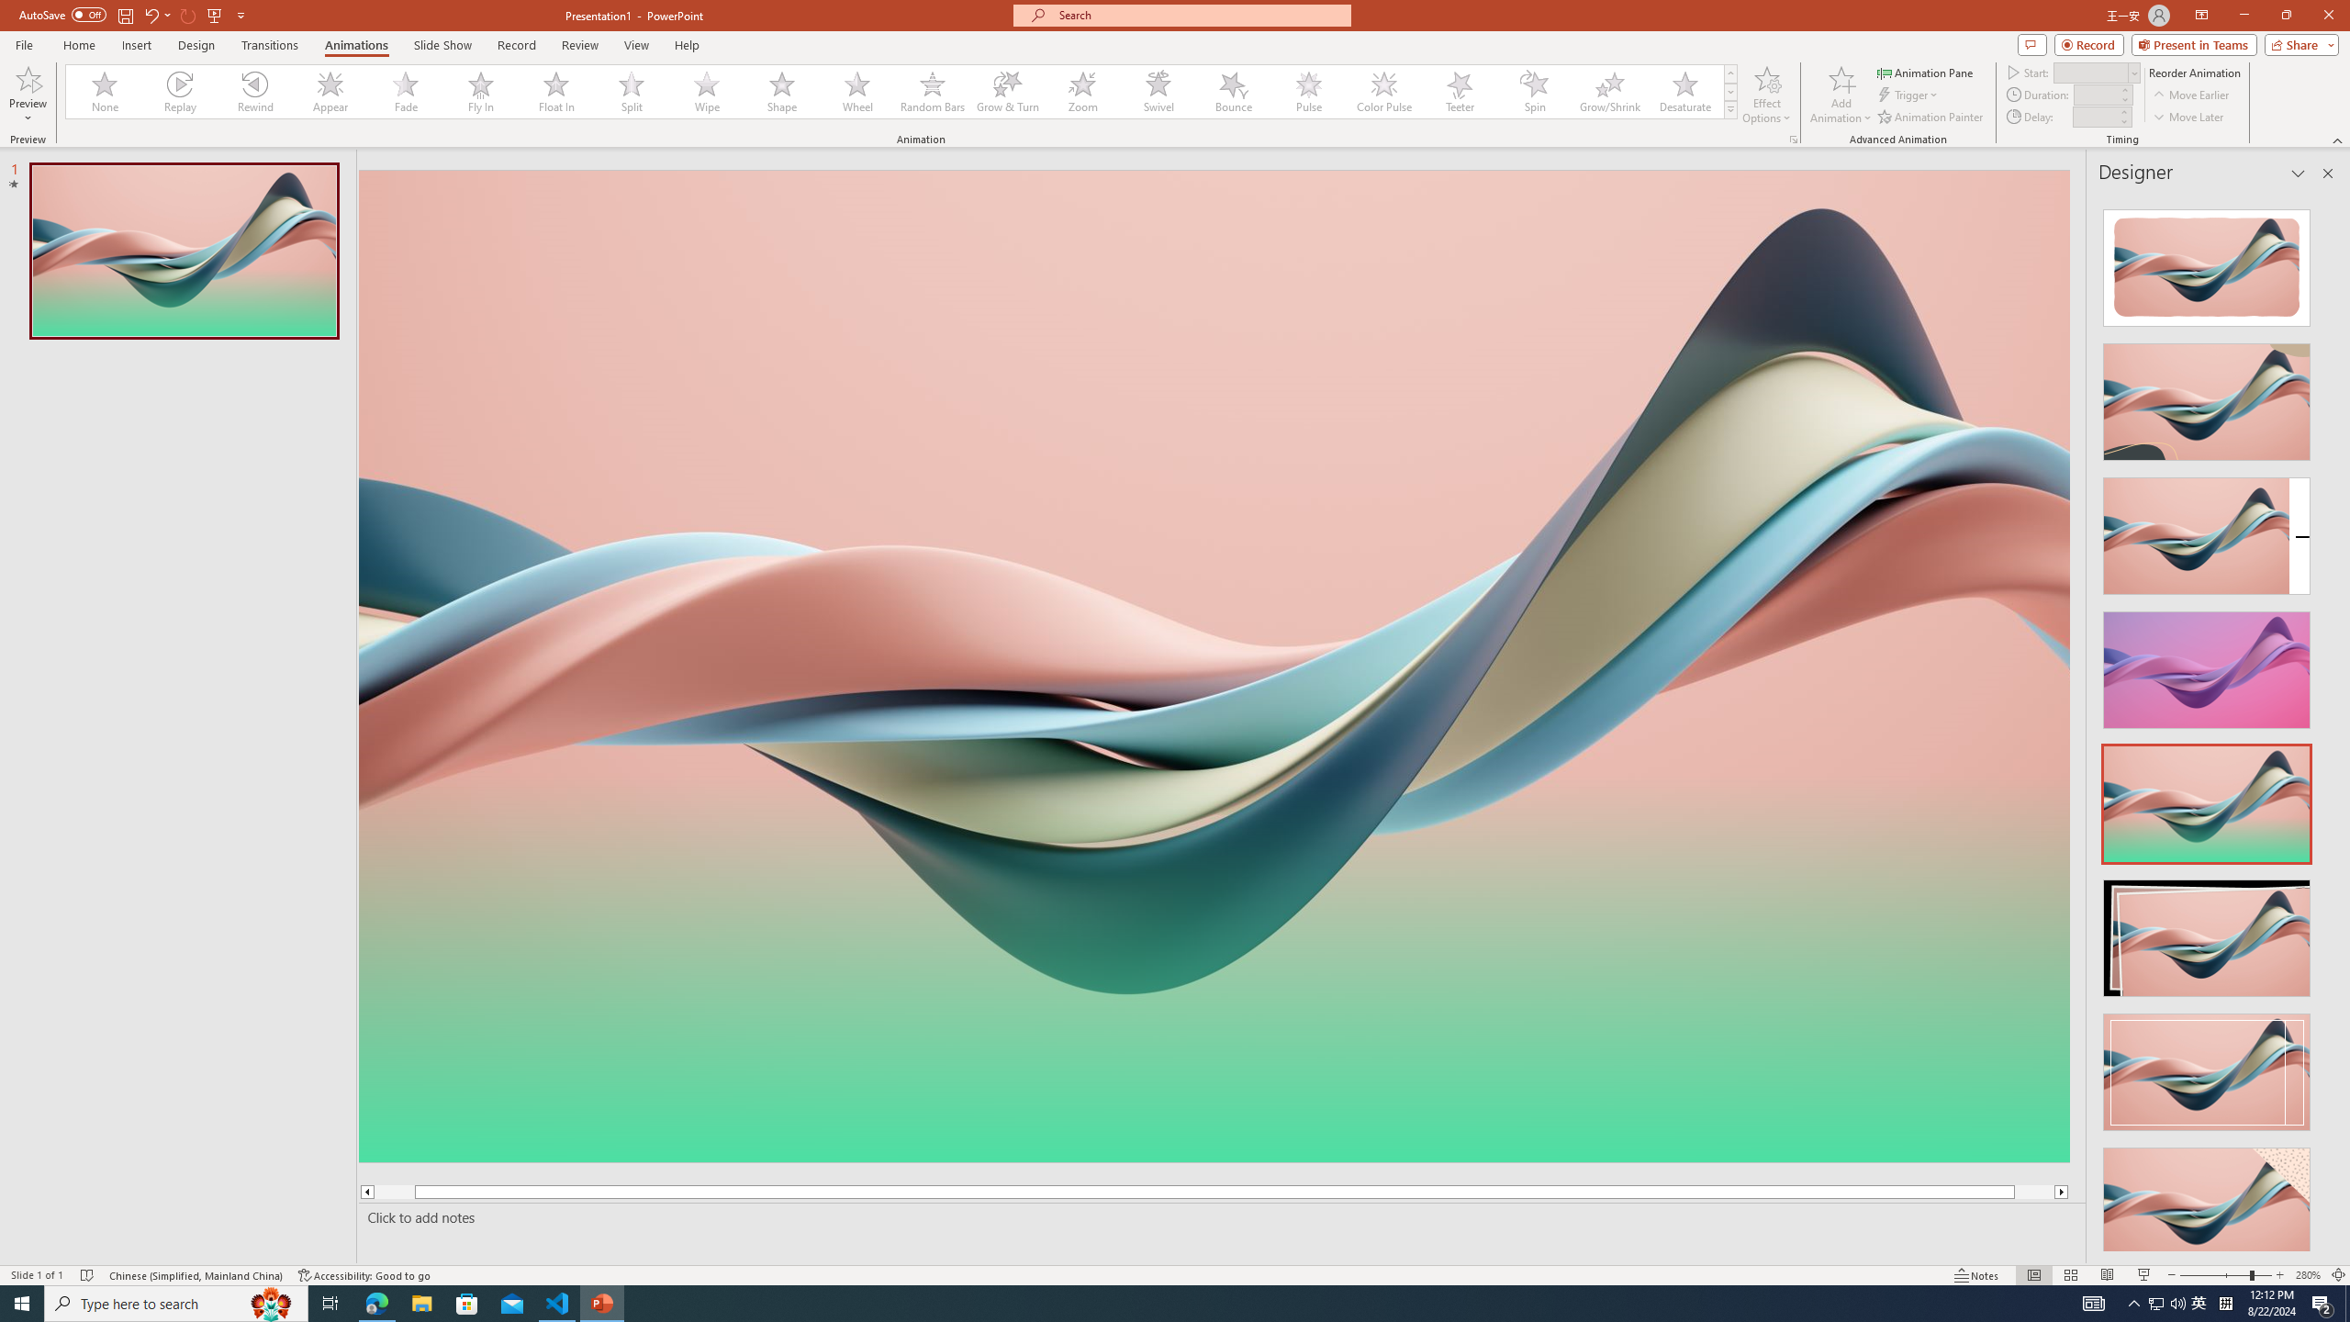 This screenshot has height=1322, width=2350. I want to click on 'Pulse', so click(1307, 91).